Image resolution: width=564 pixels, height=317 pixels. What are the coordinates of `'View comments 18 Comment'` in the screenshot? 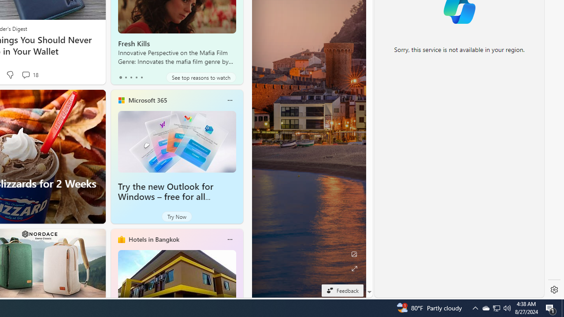 It's located at (26, 74).